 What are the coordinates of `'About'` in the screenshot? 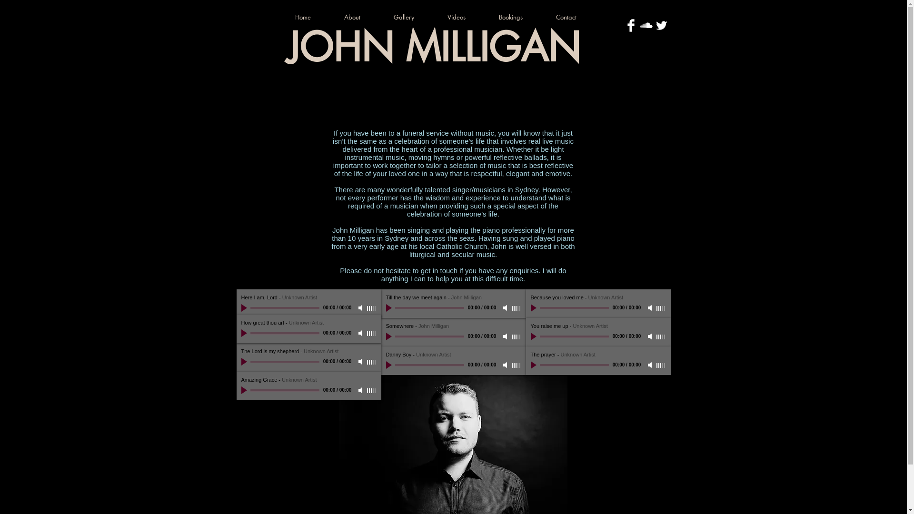 It's located at (360, 17).